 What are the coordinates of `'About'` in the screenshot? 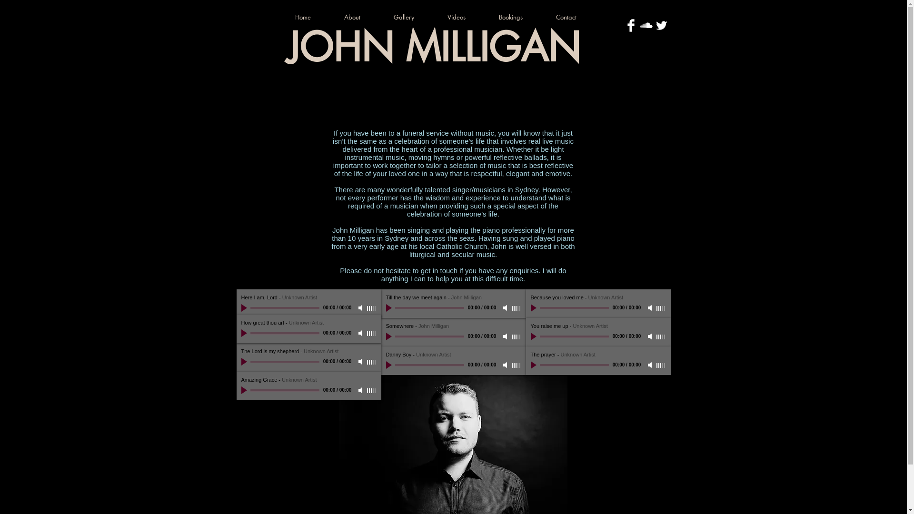 It's located at (360, 17).